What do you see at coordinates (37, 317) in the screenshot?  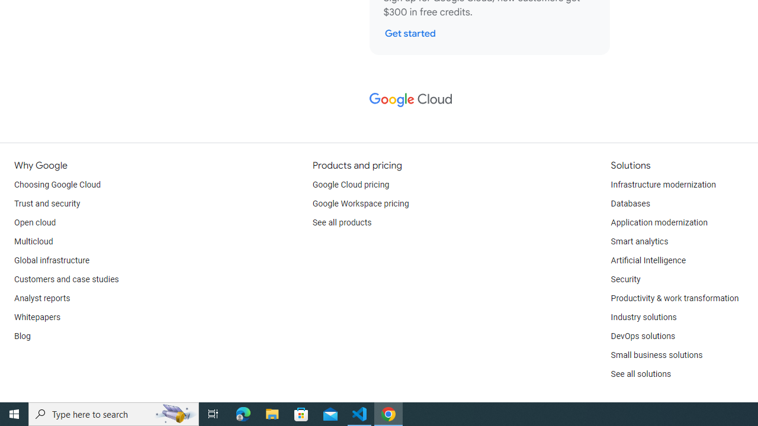 I see `'Whitepapers'` at bounding box center [37, 317].